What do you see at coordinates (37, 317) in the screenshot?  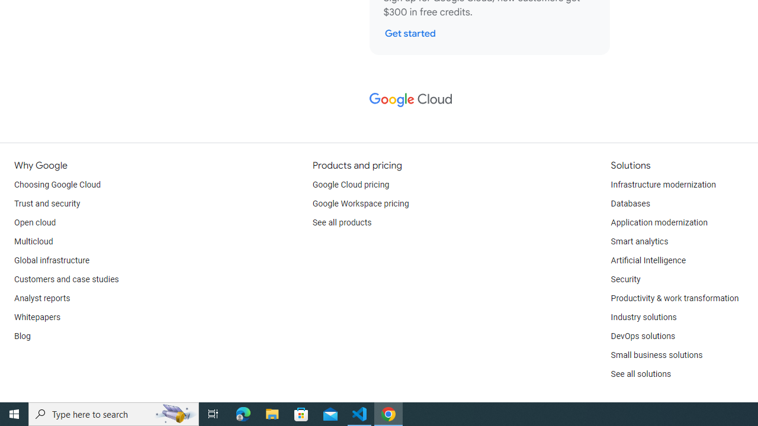 I see `'Whitepapers'` at bounding box center [37, 317].